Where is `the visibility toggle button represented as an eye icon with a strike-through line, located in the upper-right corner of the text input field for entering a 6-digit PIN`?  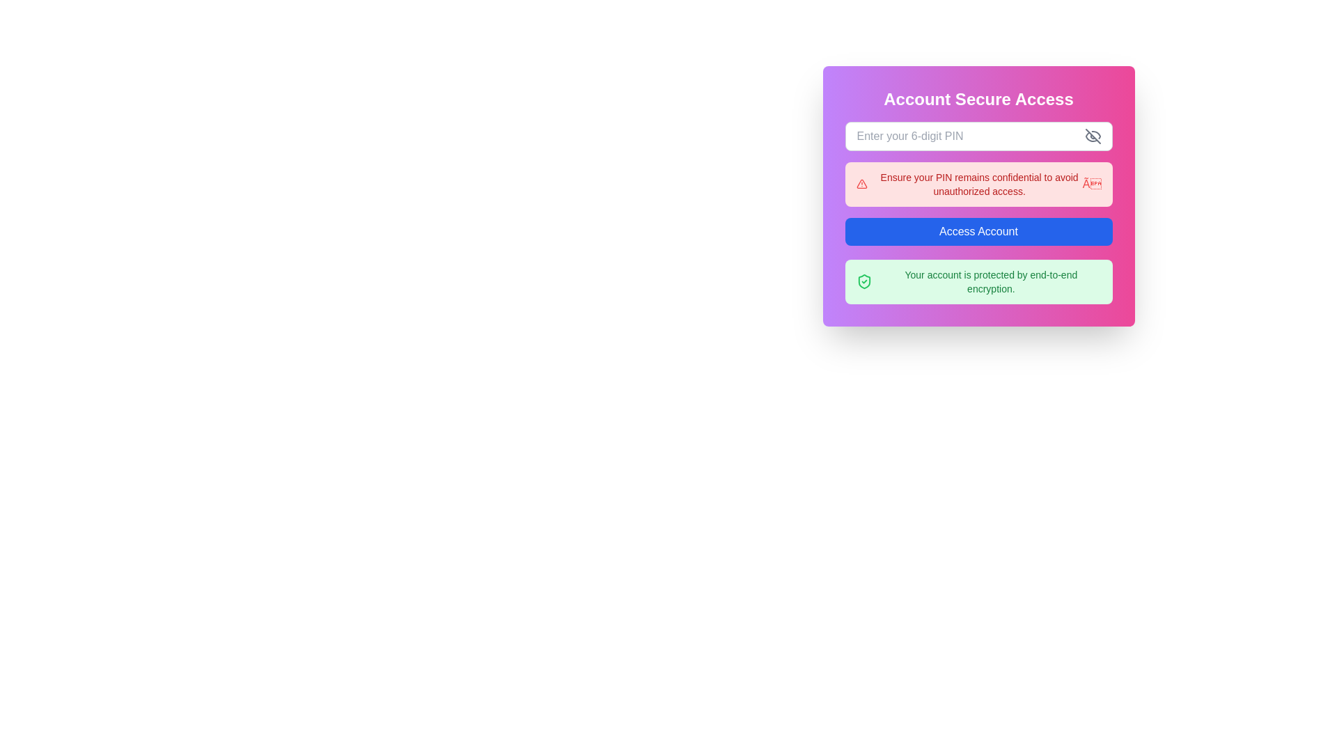
the visibility toggle button represented as an eye icon with a strike-through line, located in the upper-right corner of the text input field for entering a 6-digit PIN is located at coordinates (1092, 136).